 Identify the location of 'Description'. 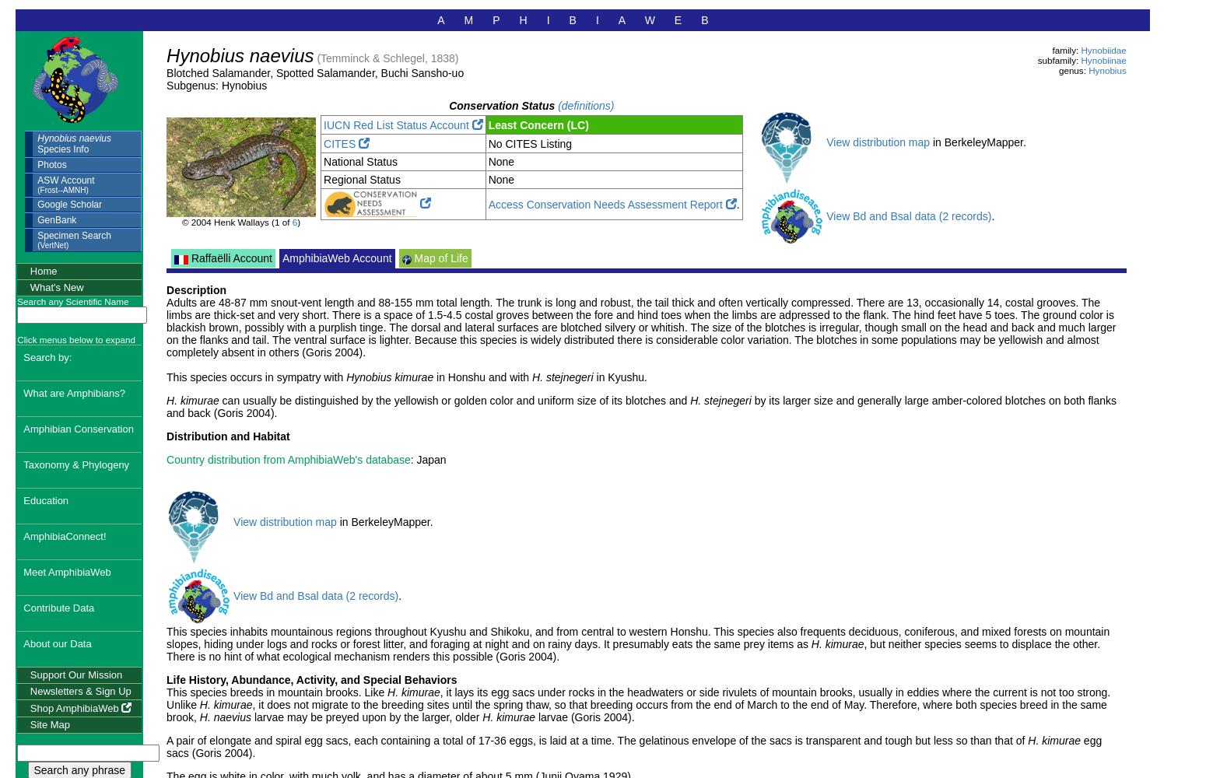
(166, 289).